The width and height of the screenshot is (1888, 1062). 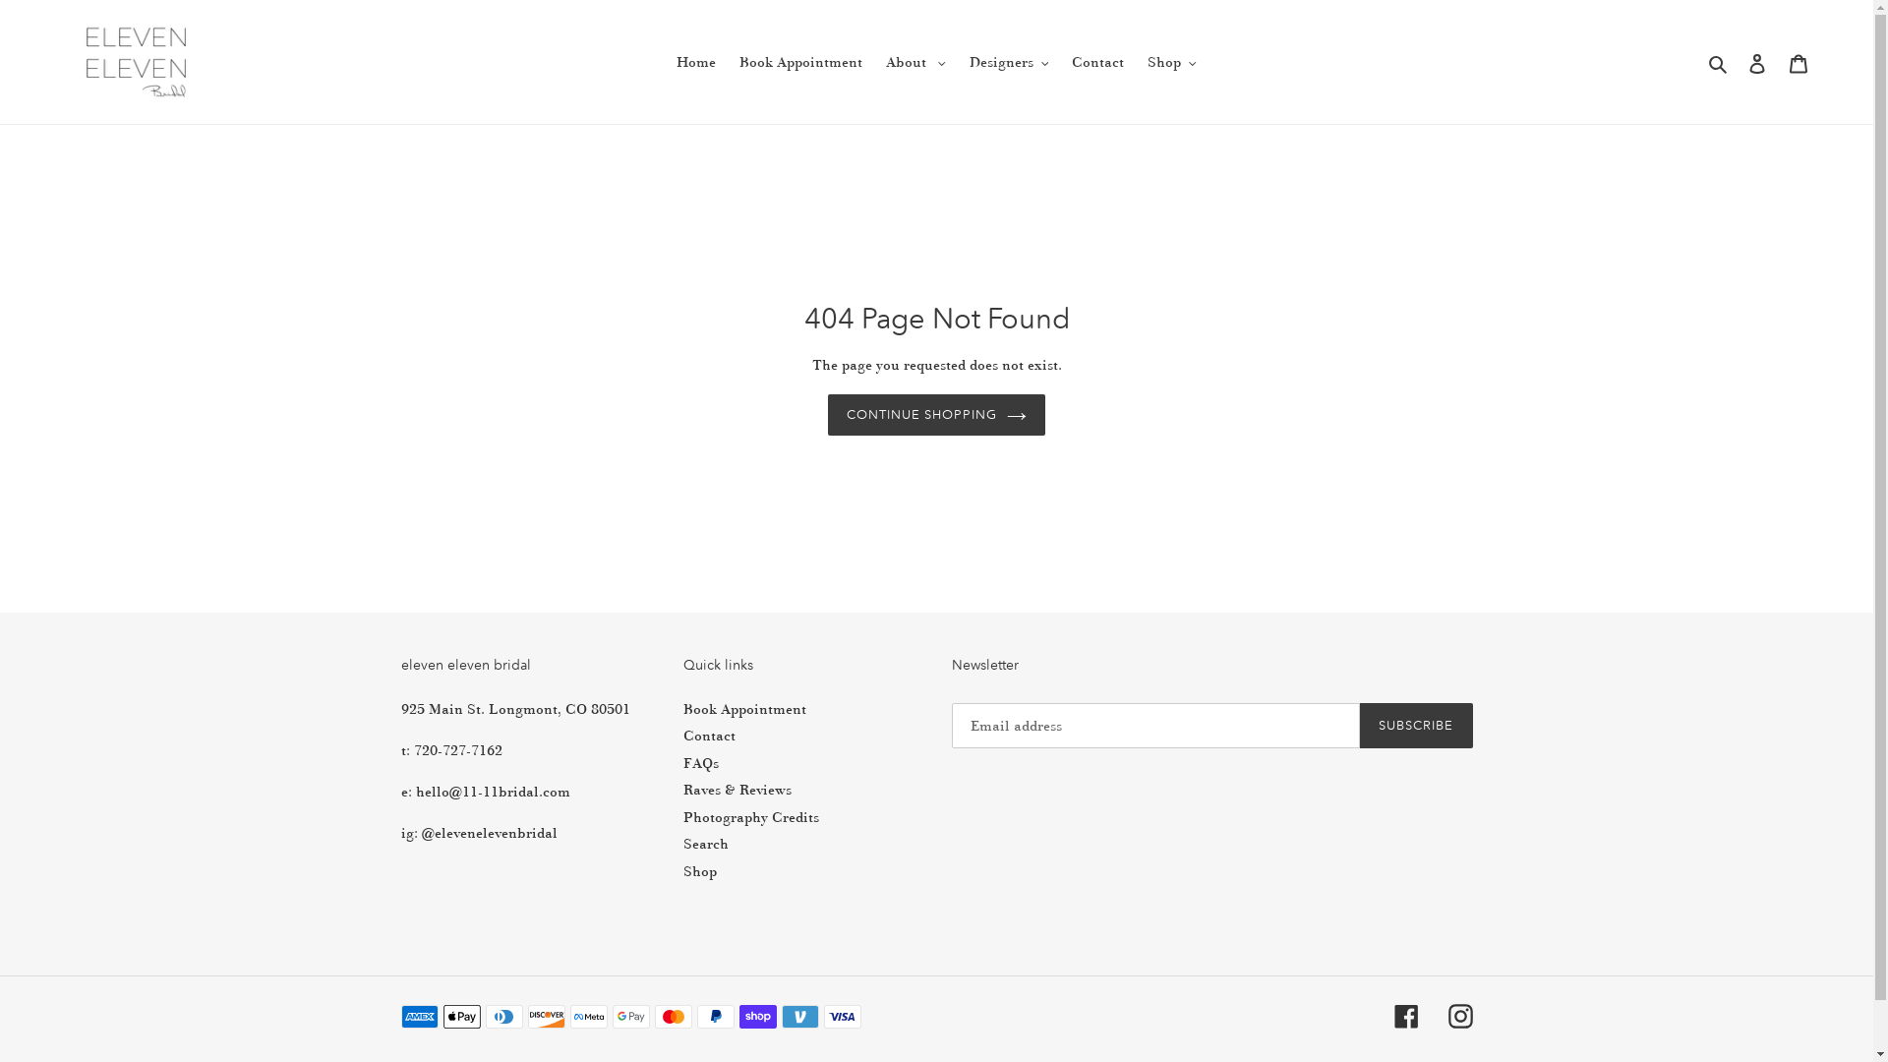 I want to click on 'Shop', so click(x=699, y=870).